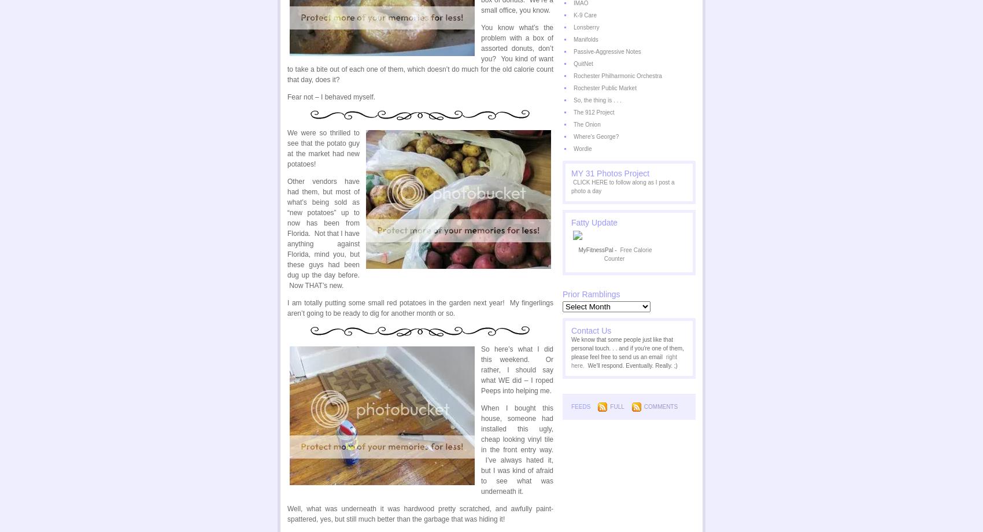  Describe the element at coordinates (572, 149) in the screenshot. I see `'Wordle'` at that location.